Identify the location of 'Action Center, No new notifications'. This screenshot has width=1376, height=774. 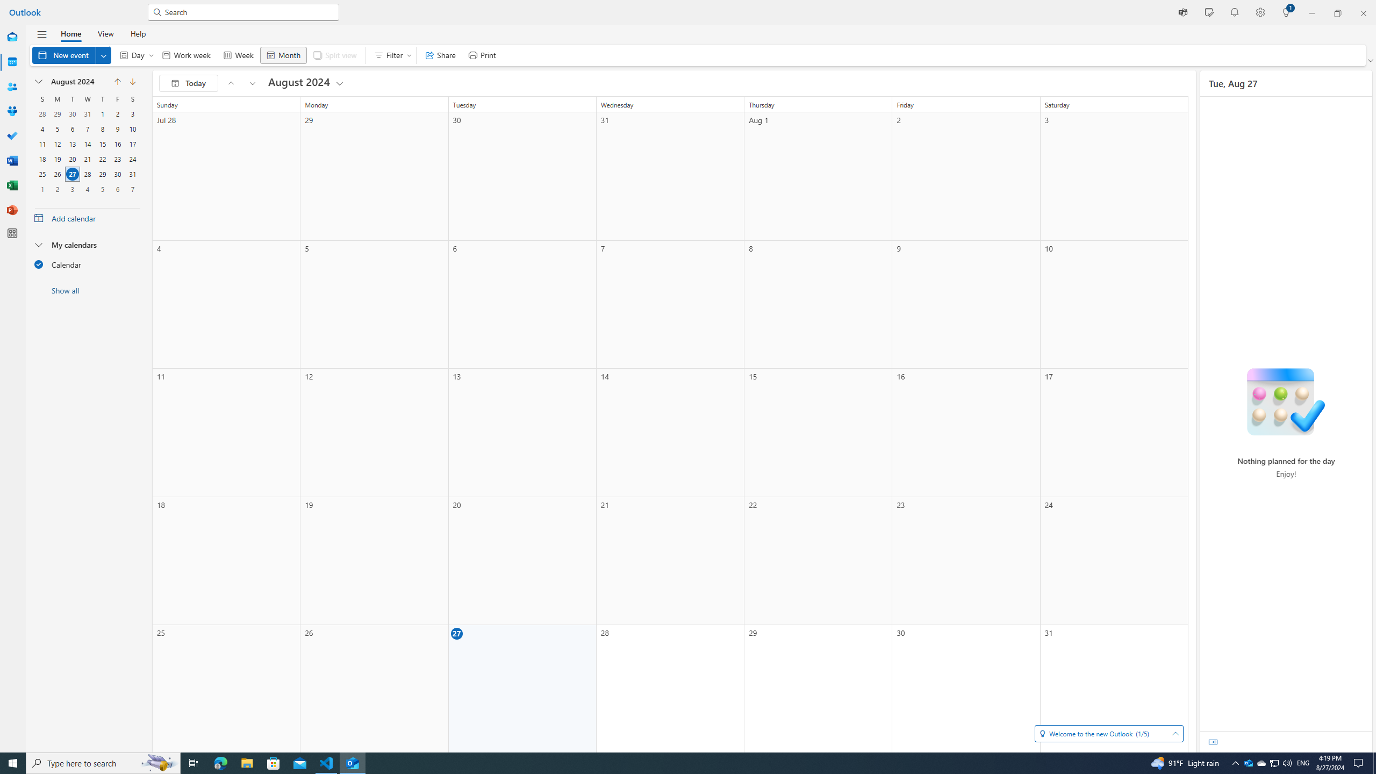
(1360, 762).